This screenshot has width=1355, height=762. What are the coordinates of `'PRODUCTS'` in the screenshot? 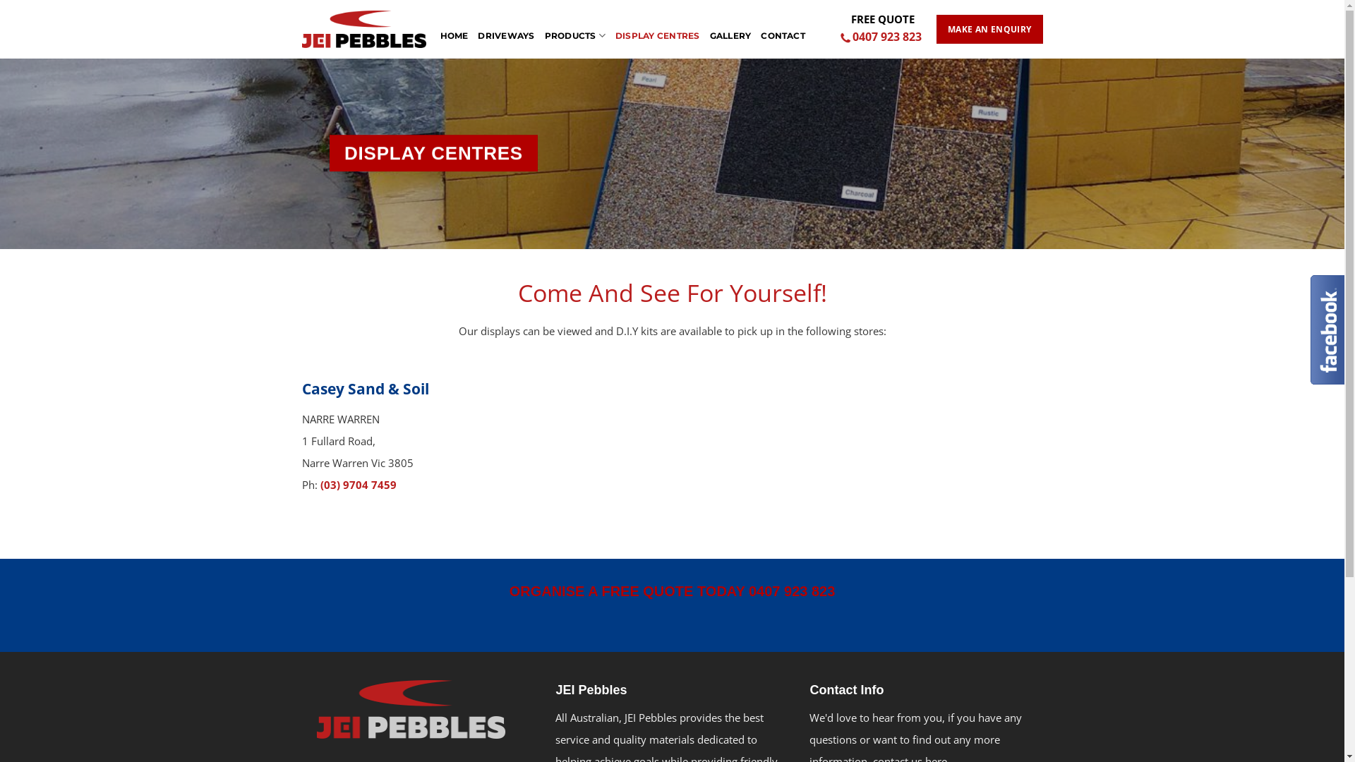 It's located at (575, 28).